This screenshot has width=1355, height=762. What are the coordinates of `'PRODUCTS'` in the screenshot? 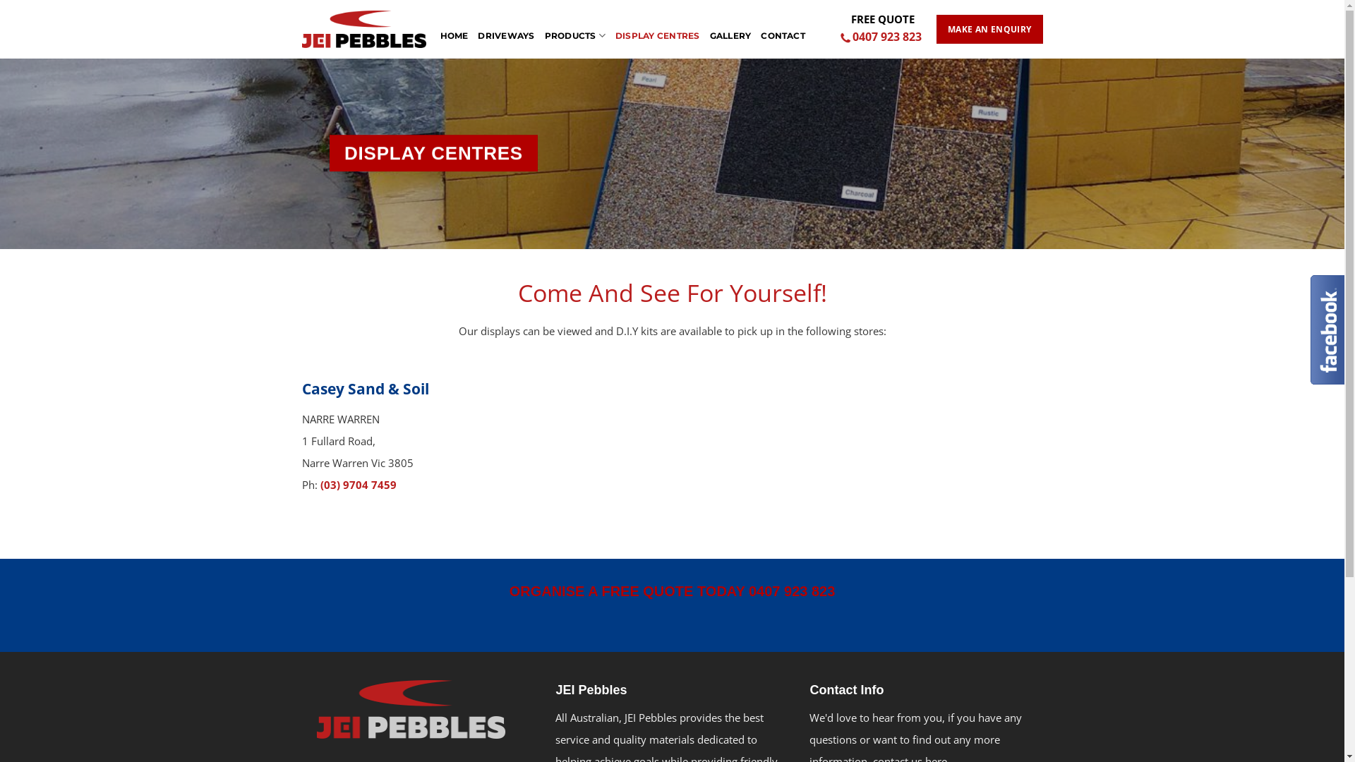 It's located at (575, 28).